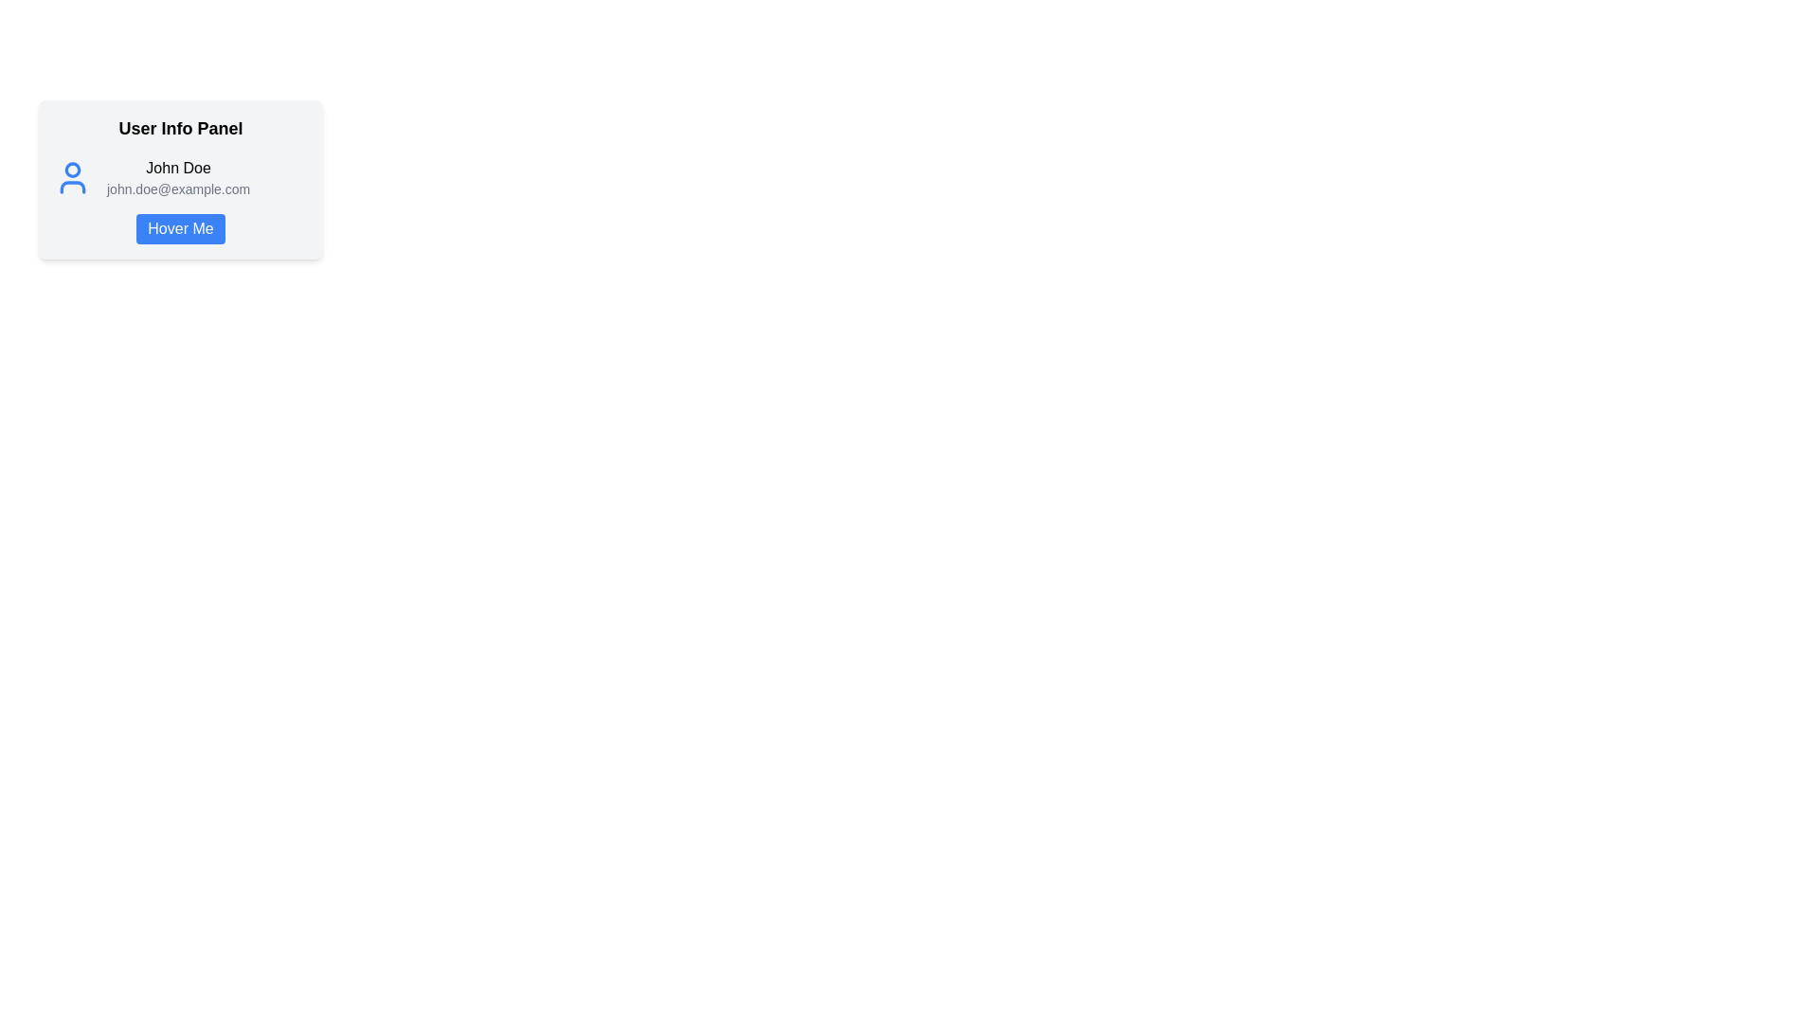  I want to click on the blue rectangular button labeled 'Hover Me' located in the 'User Info Panel' beneath 'John Doe' and 'john.doe@example.com', so click(181, 228).